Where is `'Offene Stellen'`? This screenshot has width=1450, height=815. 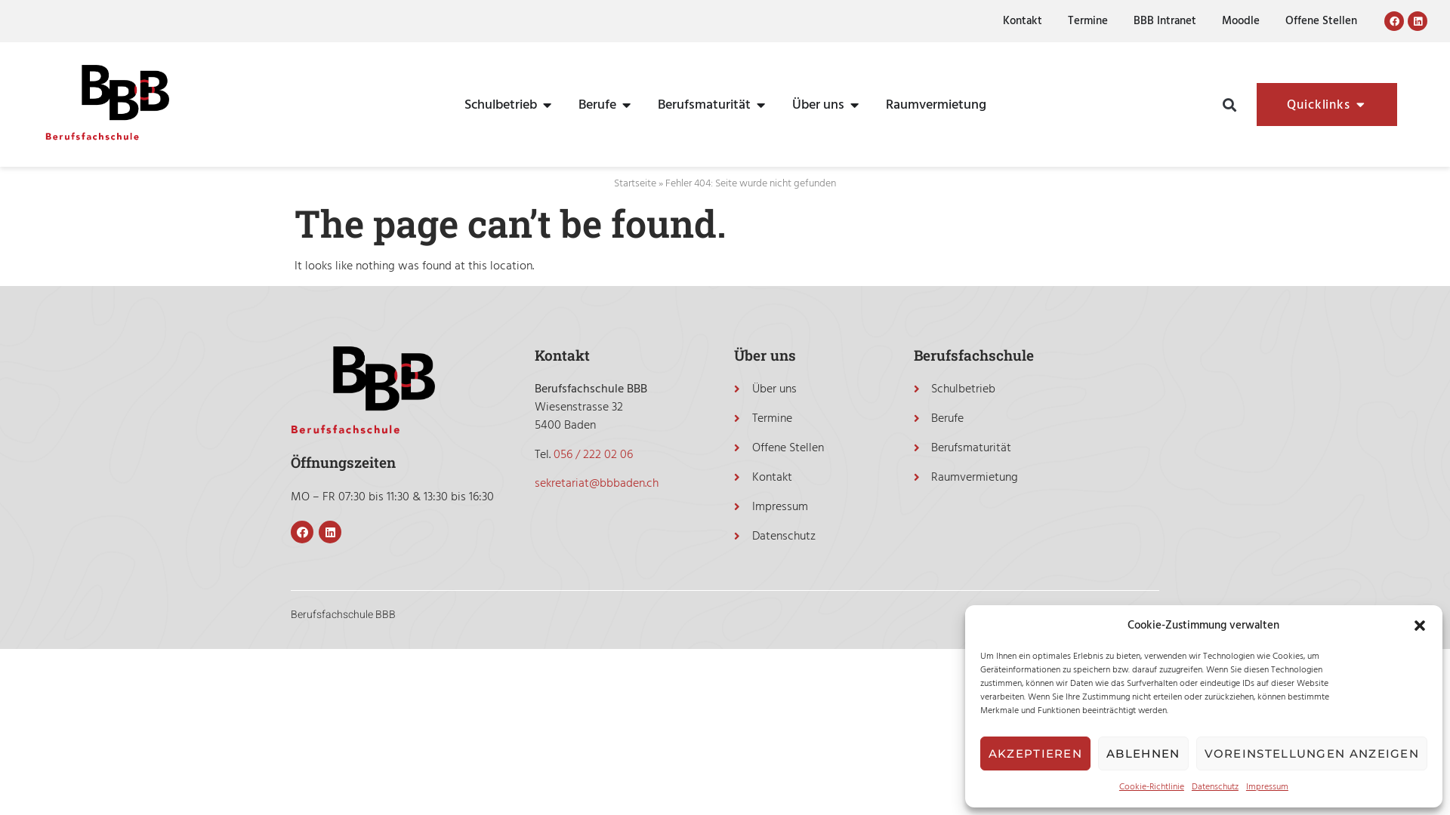
'Offene Stellen' is located at coordinates (1320, 20).